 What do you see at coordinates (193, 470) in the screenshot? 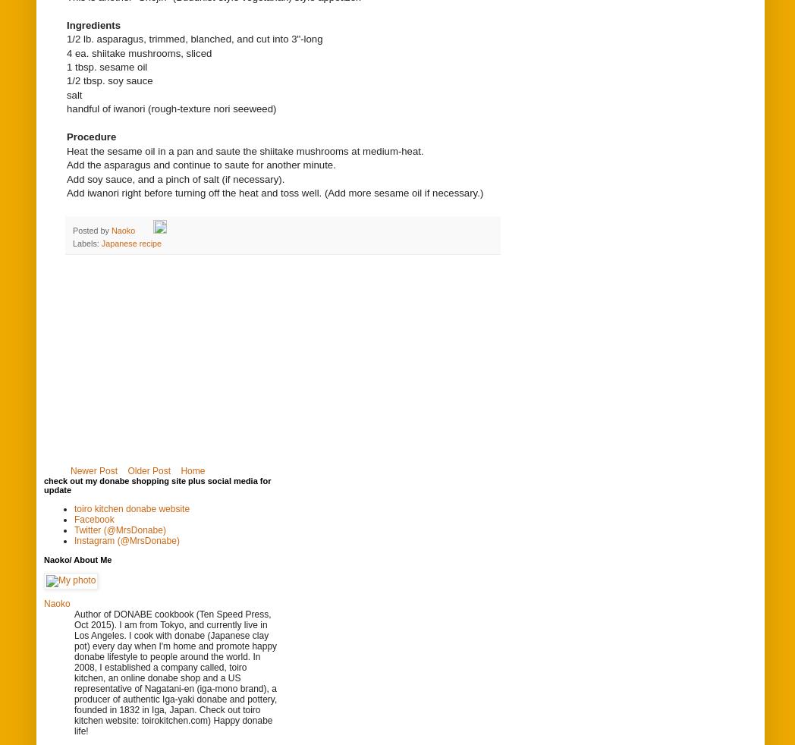
I see `'Home'` at bounding box center [193, 470].